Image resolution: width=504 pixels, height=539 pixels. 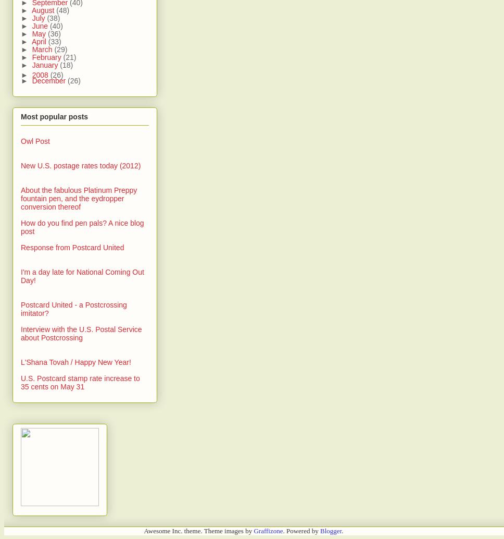 What do you see at coordinates (47, 18) in the screenshot?
I see `'(38)'` at bounding box center [47, 18].